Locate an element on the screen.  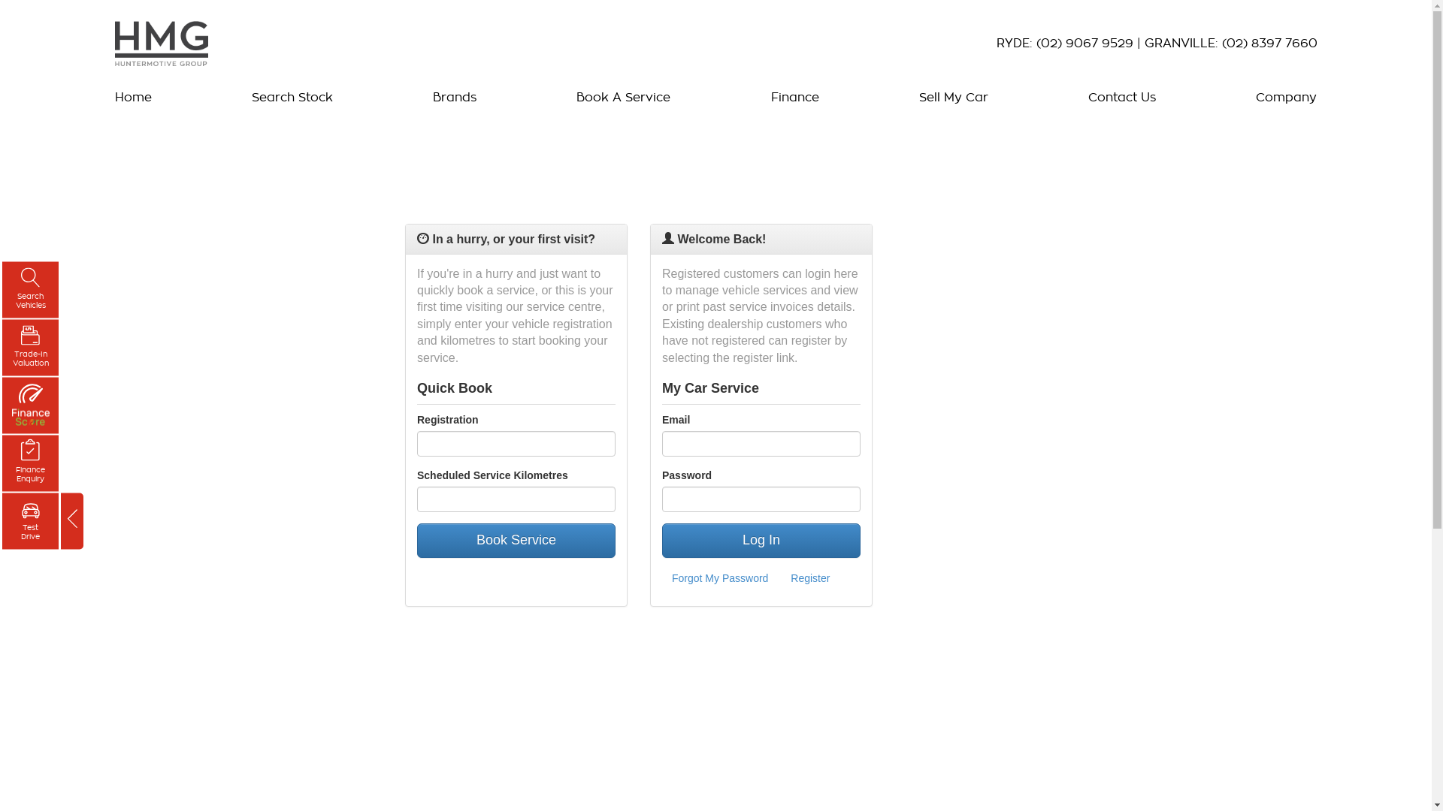
'GRANVILLE: (02) 8397 7660' is located at coordinates (1230, 42).